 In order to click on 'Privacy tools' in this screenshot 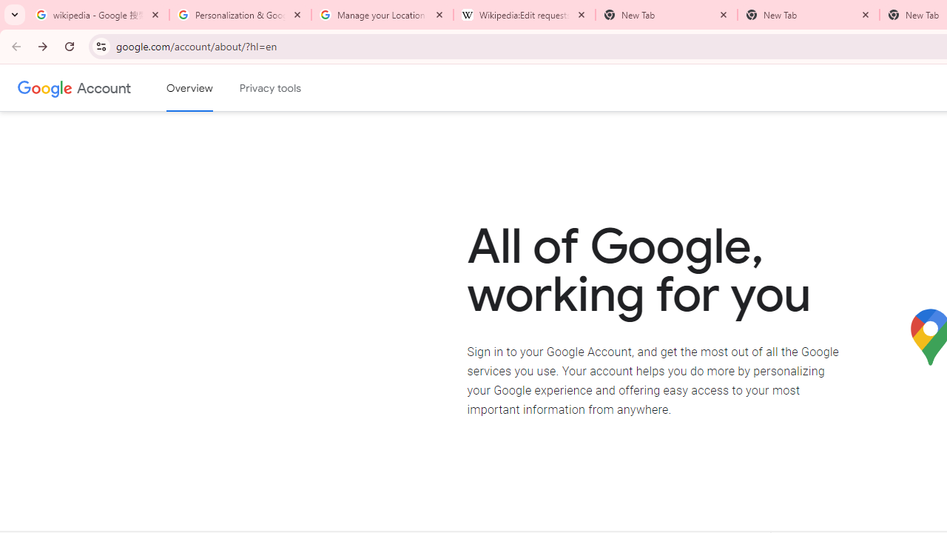, I will do `click(271, 88)`.